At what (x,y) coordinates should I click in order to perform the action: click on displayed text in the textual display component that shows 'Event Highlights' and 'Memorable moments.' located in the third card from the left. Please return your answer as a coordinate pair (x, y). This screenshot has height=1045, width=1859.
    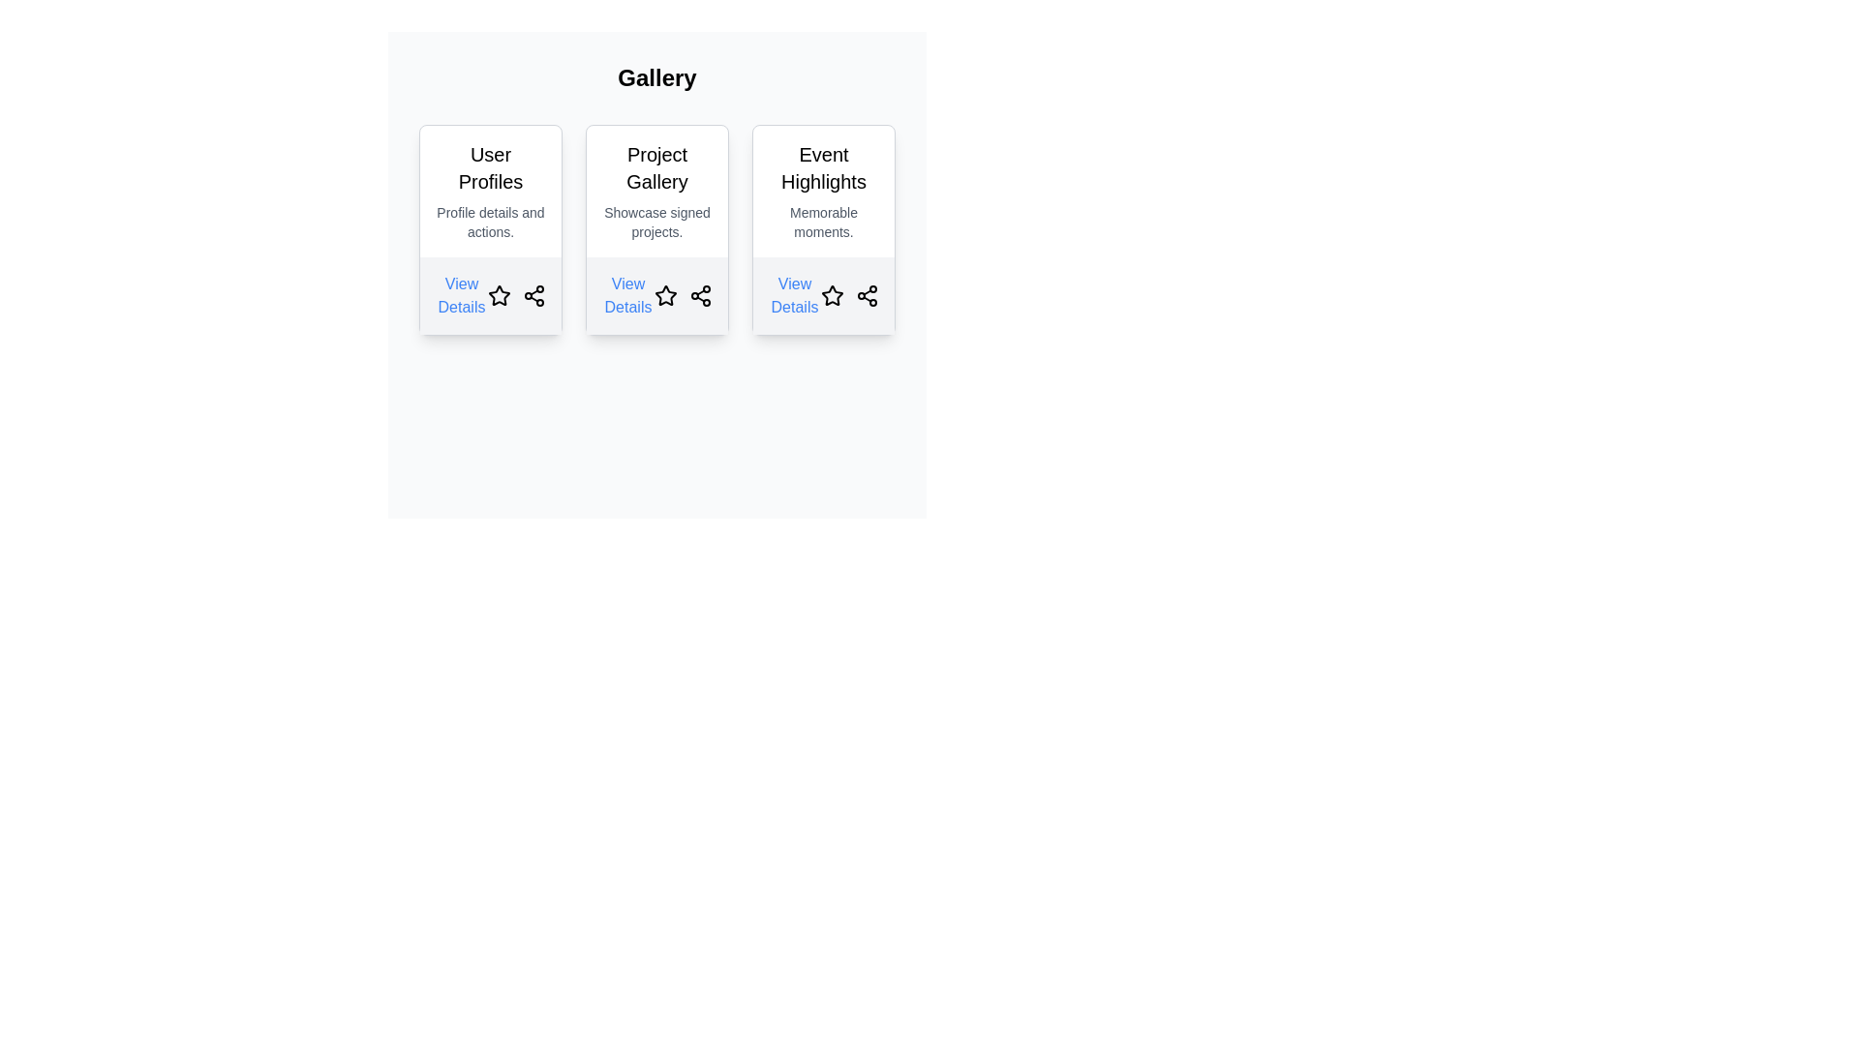
    Looking at the image, I should click on (823, 191).